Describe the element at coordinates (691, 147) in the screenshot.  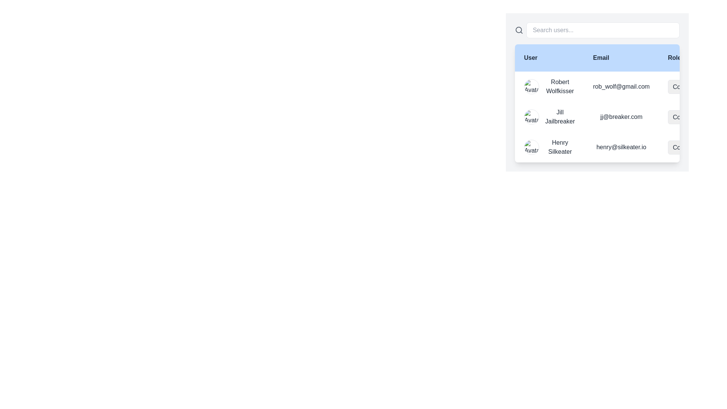
I see `the button labeled 'Co', which is a small rounded rectangle located in the 'Role' column of the table` at that location.